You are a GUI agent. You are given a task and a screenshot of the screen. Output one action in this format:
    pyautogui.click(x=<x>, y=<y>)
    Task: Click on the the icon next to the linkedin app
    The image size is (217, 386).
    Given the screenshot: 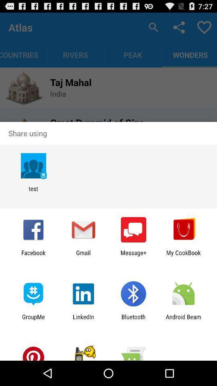 What is the action you would take?
    pyautogui.click(x=133, y=320)
    